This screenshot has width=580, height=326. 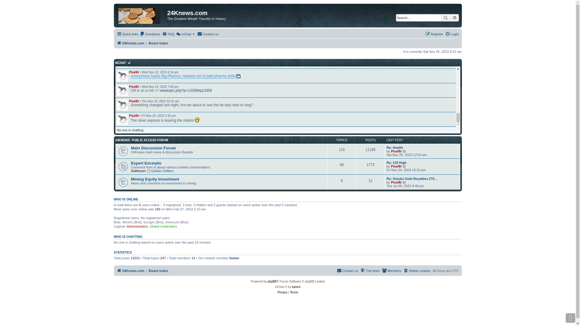 What do you see at coordinates (387, 162) in the screenshot?
I see `'Re: Clif High'` at bounding box center [387, 162].